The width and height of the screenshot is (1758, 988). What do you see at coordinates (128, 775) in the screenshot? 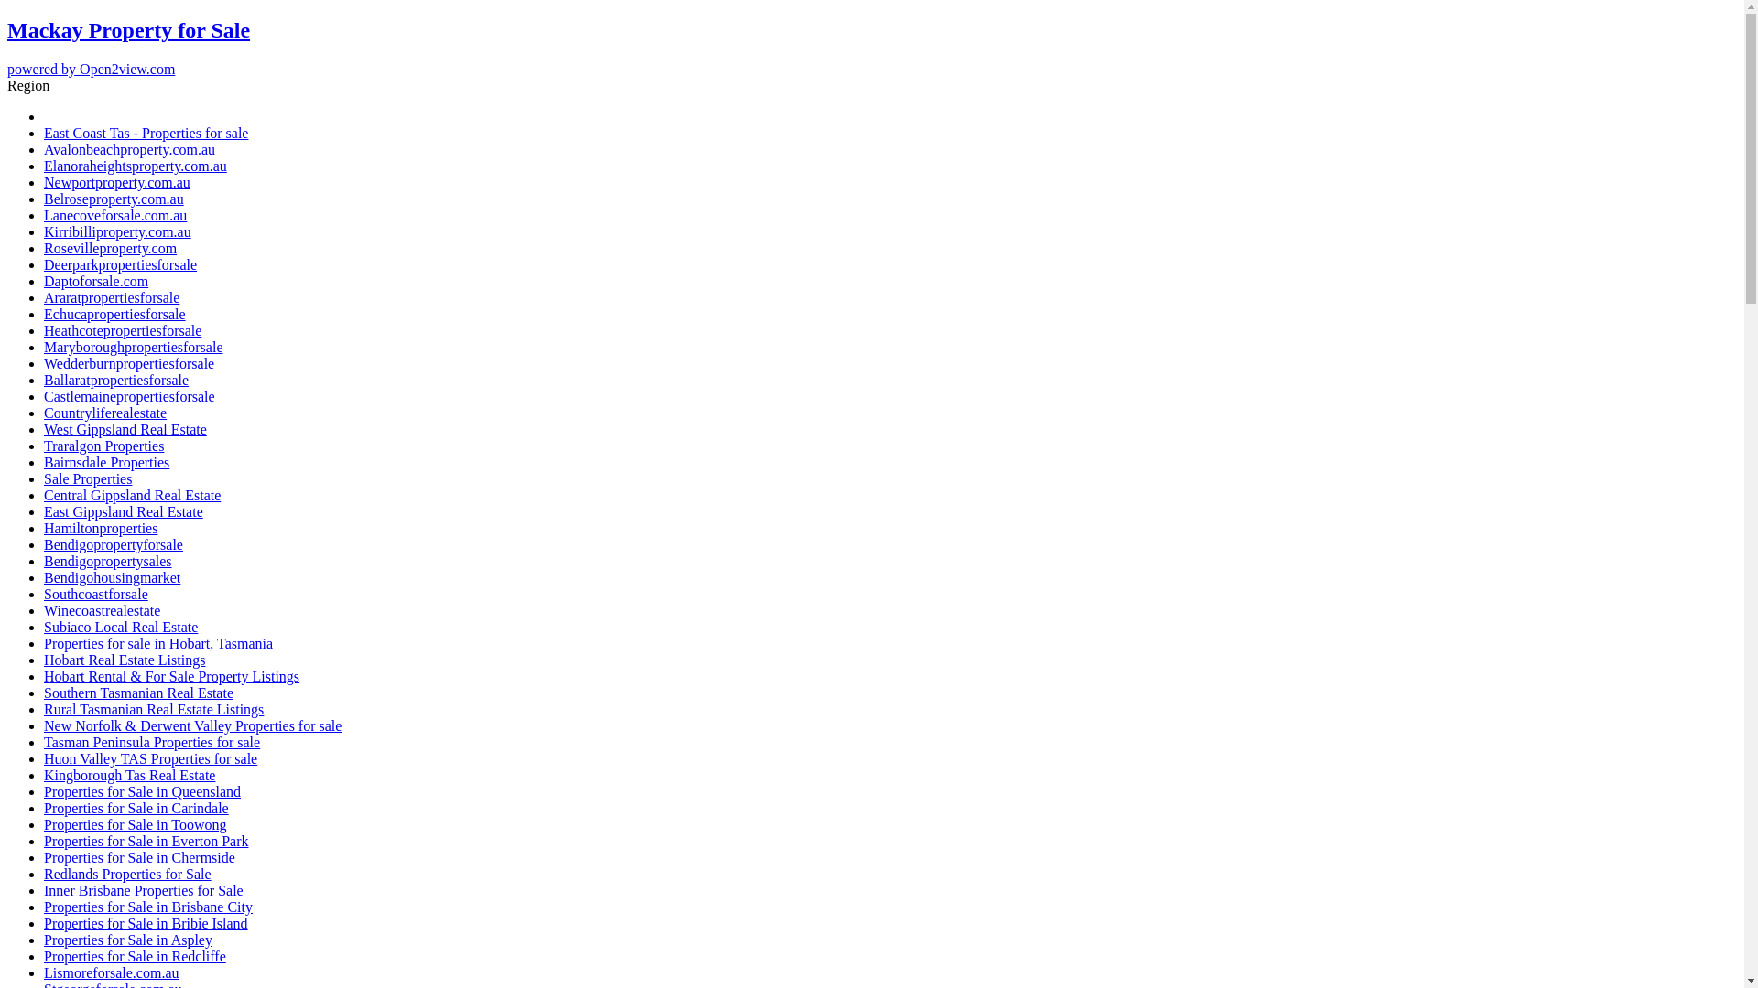
I see `'Kingborough Tas Real Estate'` at bounding box center [128, 775].